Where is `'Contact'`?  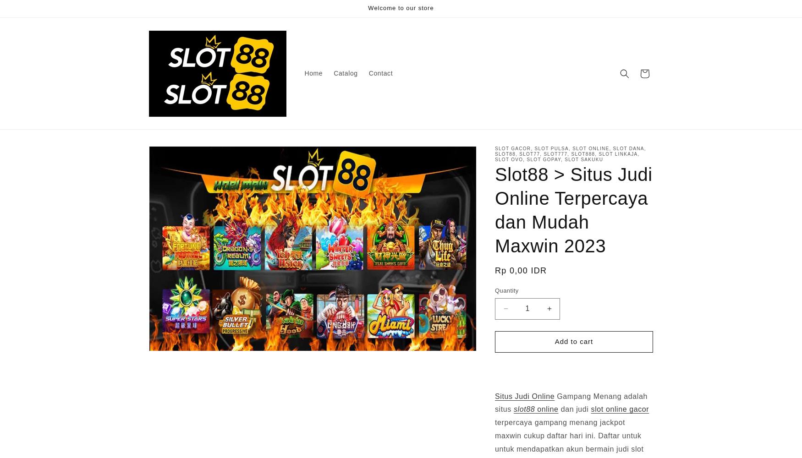 'Contact' is located at coordinates (380, 73).